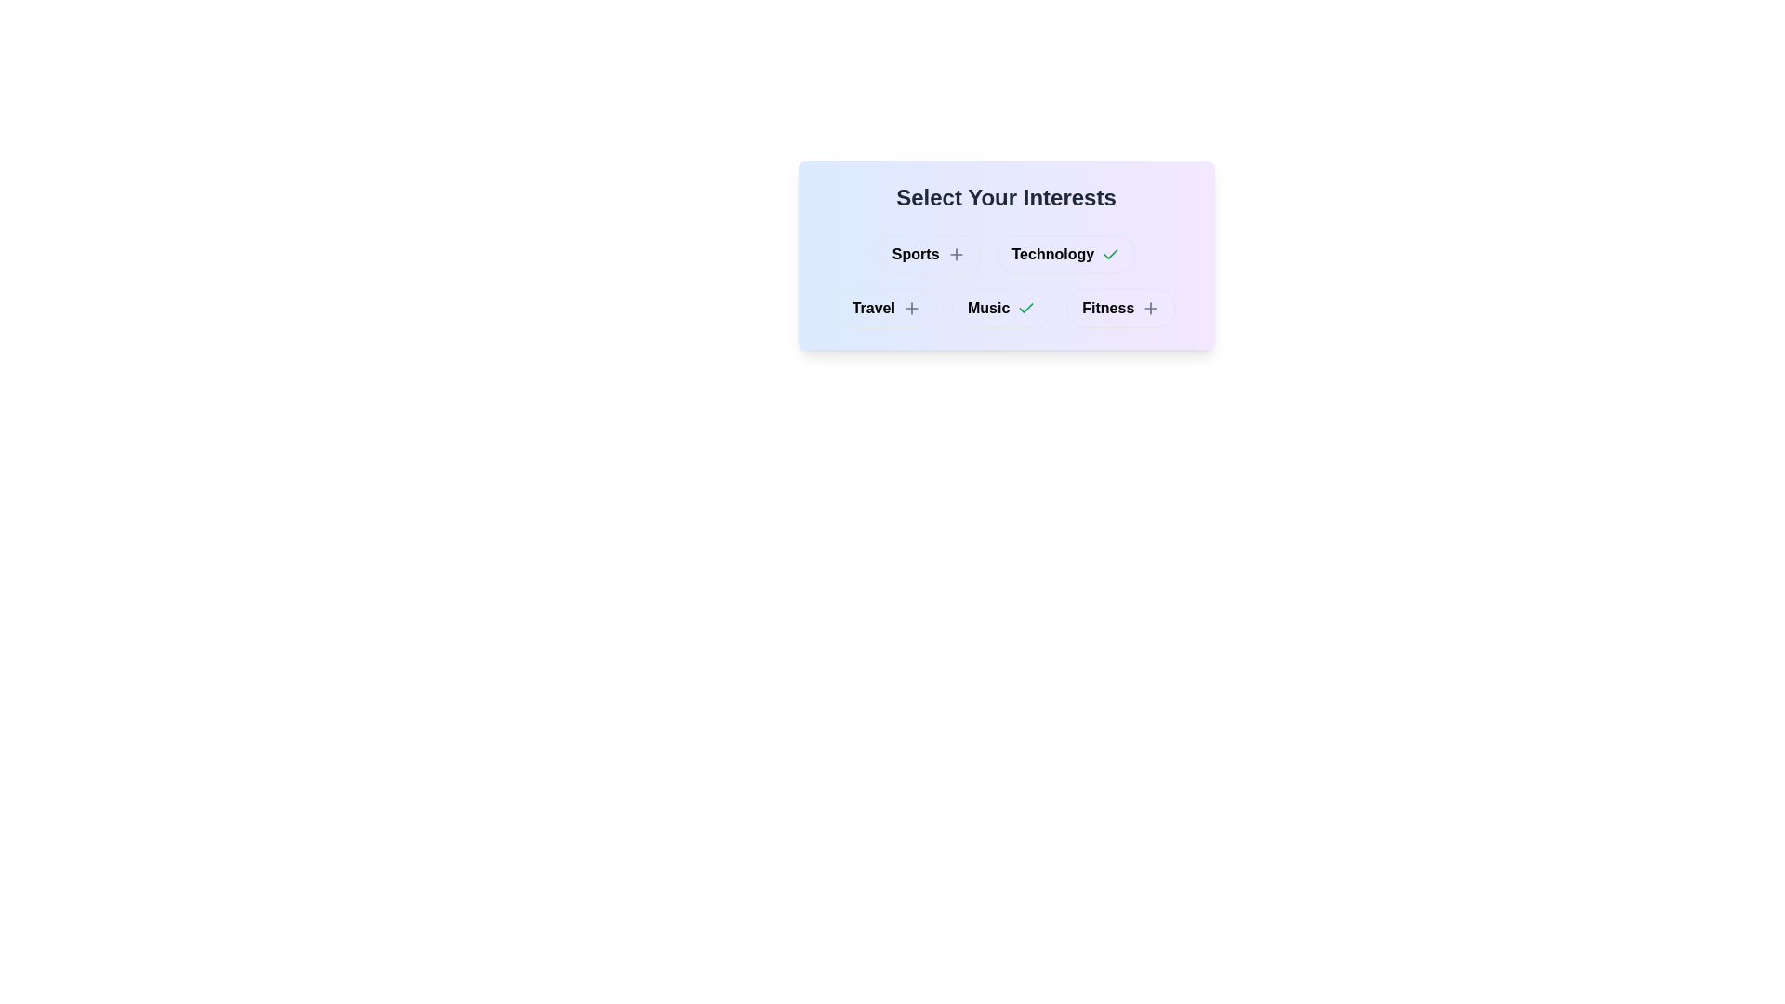  What do you see at coordinates (928, 254) in the screenshot?
I see `the button labeled Sports to observe visual changes` at bounding box center [928, 254].